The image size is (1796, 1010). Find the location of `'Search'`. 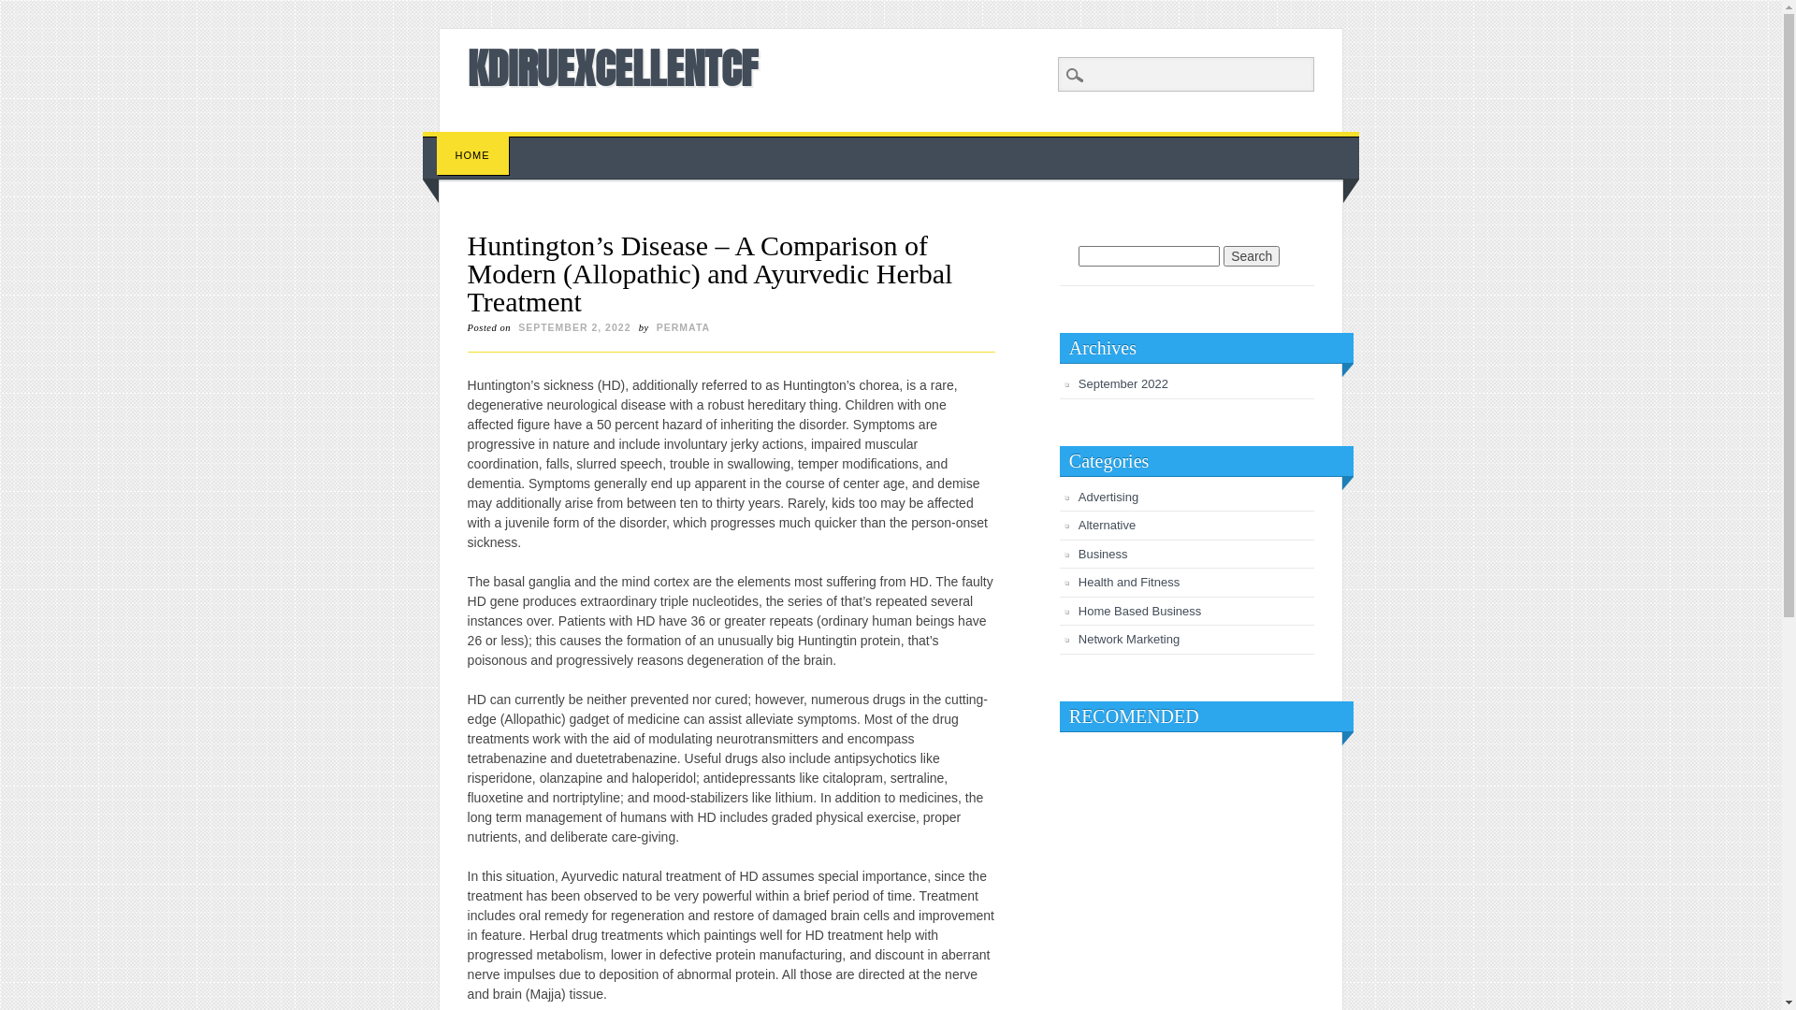

'Search' is located at coordinates (1252, 255).